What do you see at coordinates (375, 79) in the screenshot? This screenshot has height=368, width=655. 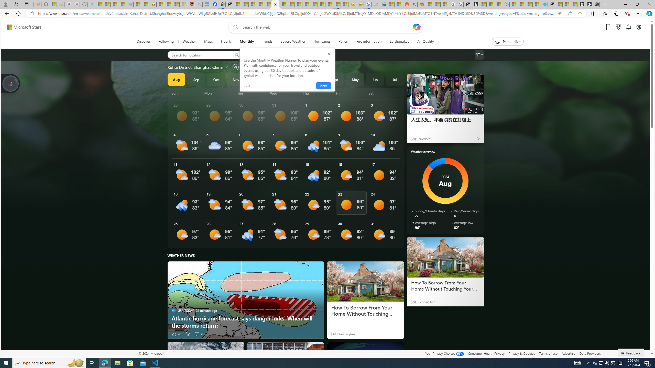 I see `'Jun'` at bounding box center [375, 79].